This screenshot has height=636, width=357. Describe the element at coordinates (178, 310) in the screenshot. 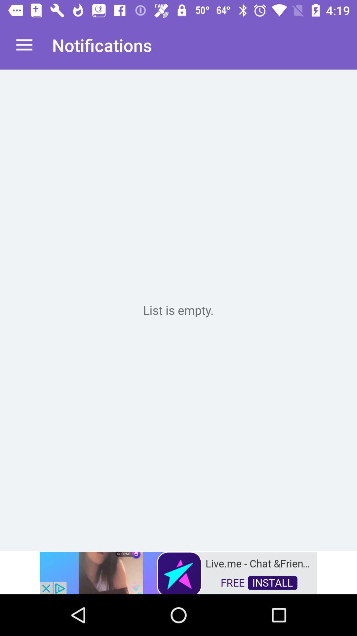

I see `color print` at that location.